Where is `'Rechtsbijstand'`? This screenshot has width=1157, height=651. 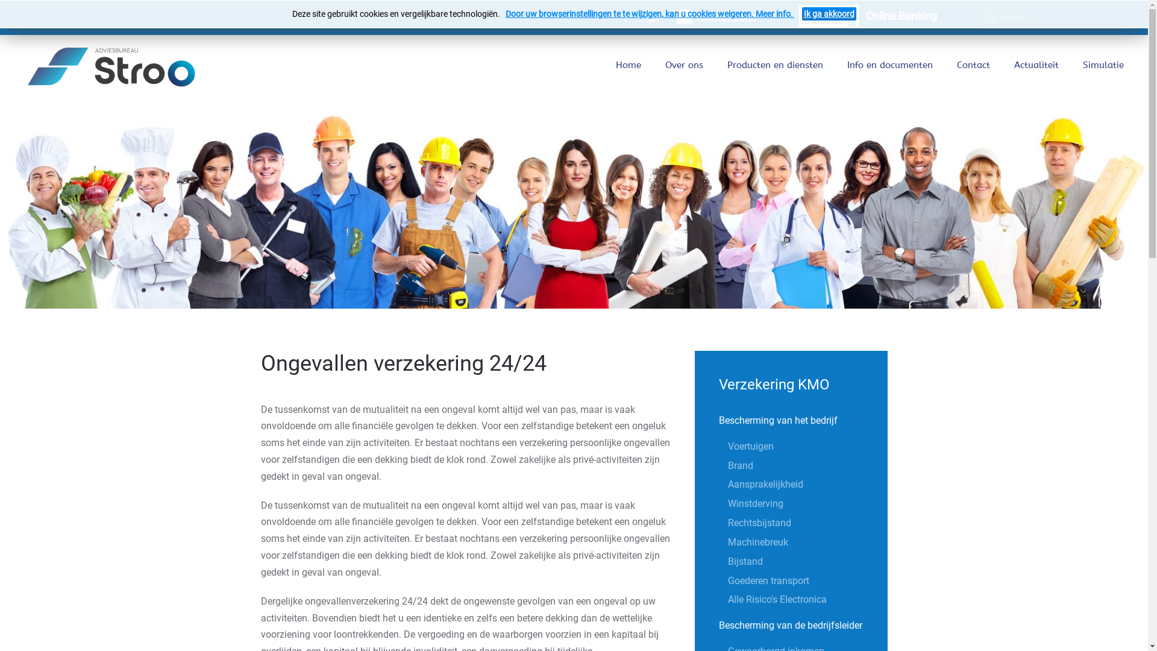
'Rechtsbijstand' is located at coordinates (807, 522).